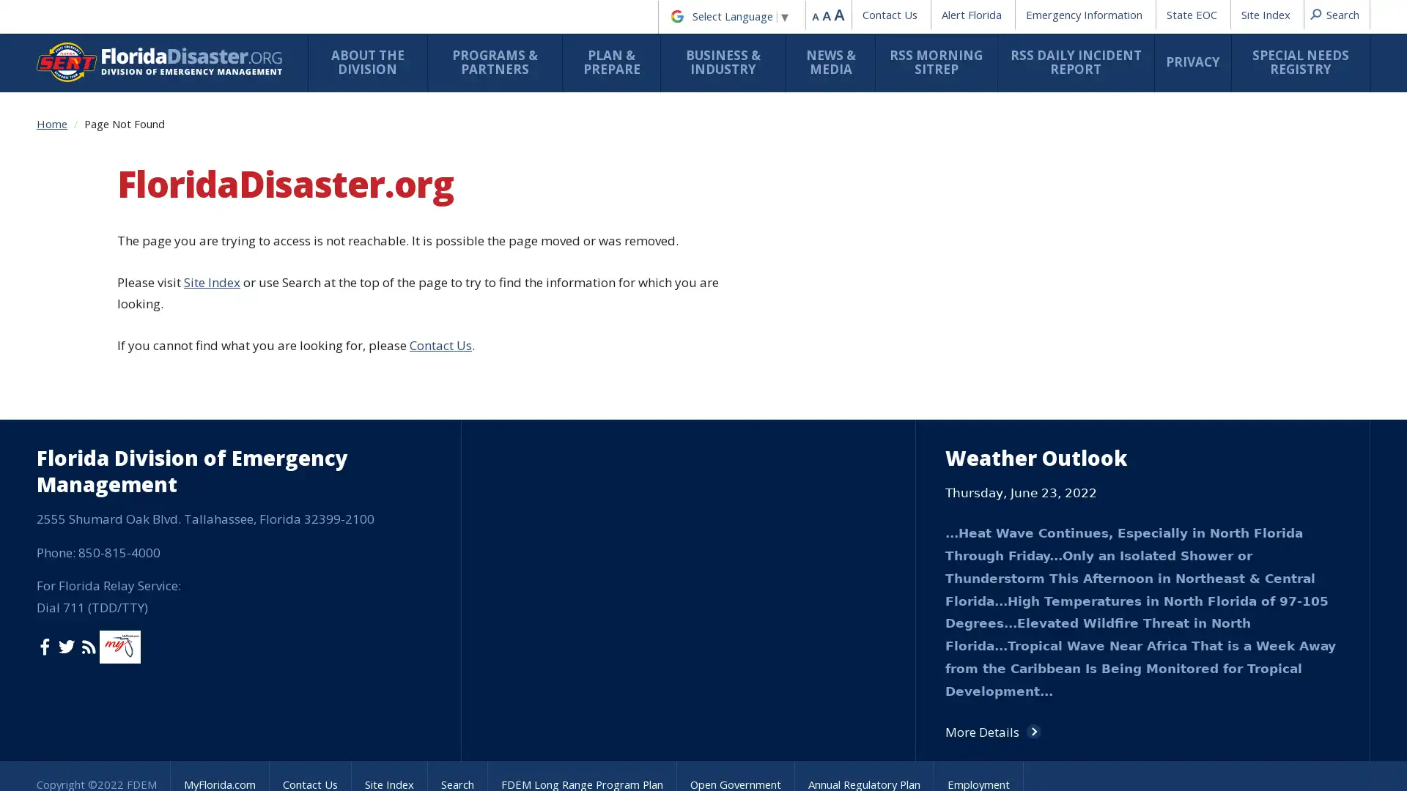 This screenshot has width=1407, height=791. What do you see at coordinates (841, 335) in the screenshot?
I see `Toggle More` at bounding box center [841, 335].